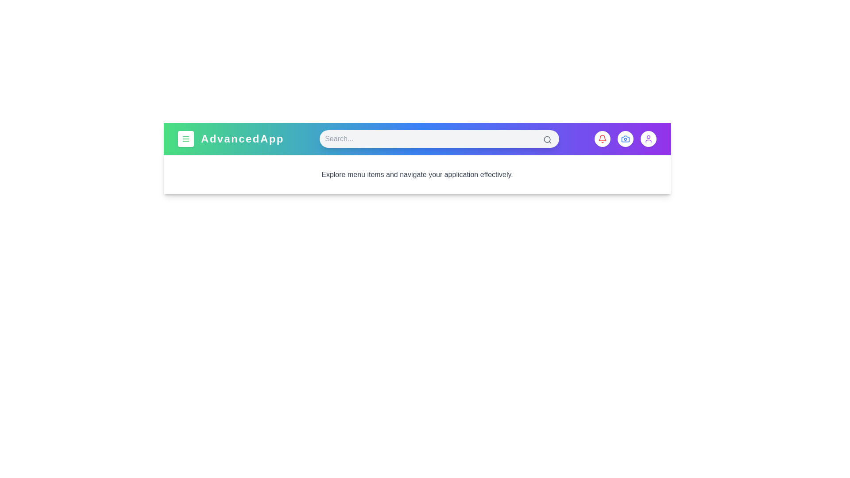 This screenshot has width=850, height=478. What do you see at coordinates (602, 139) in the screenshot?
I see `the notification button to interact with it` at bounding box center [602, 139].